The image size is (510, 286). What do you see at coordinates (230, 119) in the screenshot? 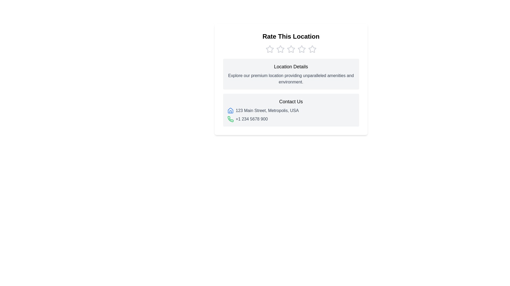
I see `the green phone icon located in the 'Contact Us' section adjacent to the phone number '+1 234 5678 900'. This icon is the only graphical representation of a telephone in this section` at bounding box center [230, 119].